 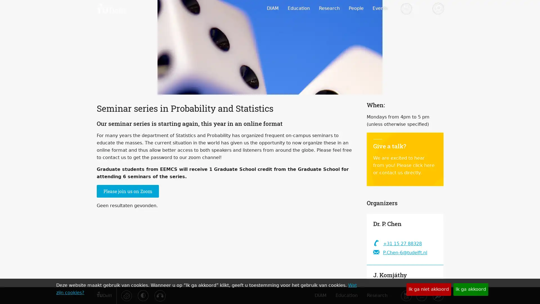 What do you see at coordinates (159, 295) in the screenshot?
I see `Luister met de ReachDeck-werkbalk` at bounding box center [159, 295].